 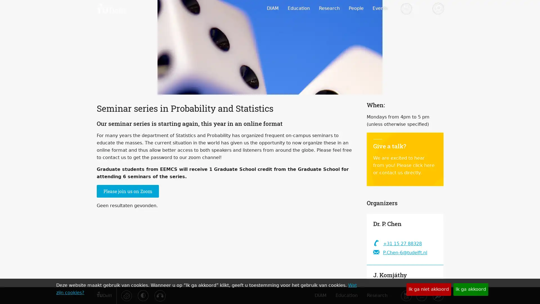 What do you see at coordinates (159, 295) in the screenshot?
I see `Luister met de ReachDeck-werkbalk` at bounding box center [159, 295].